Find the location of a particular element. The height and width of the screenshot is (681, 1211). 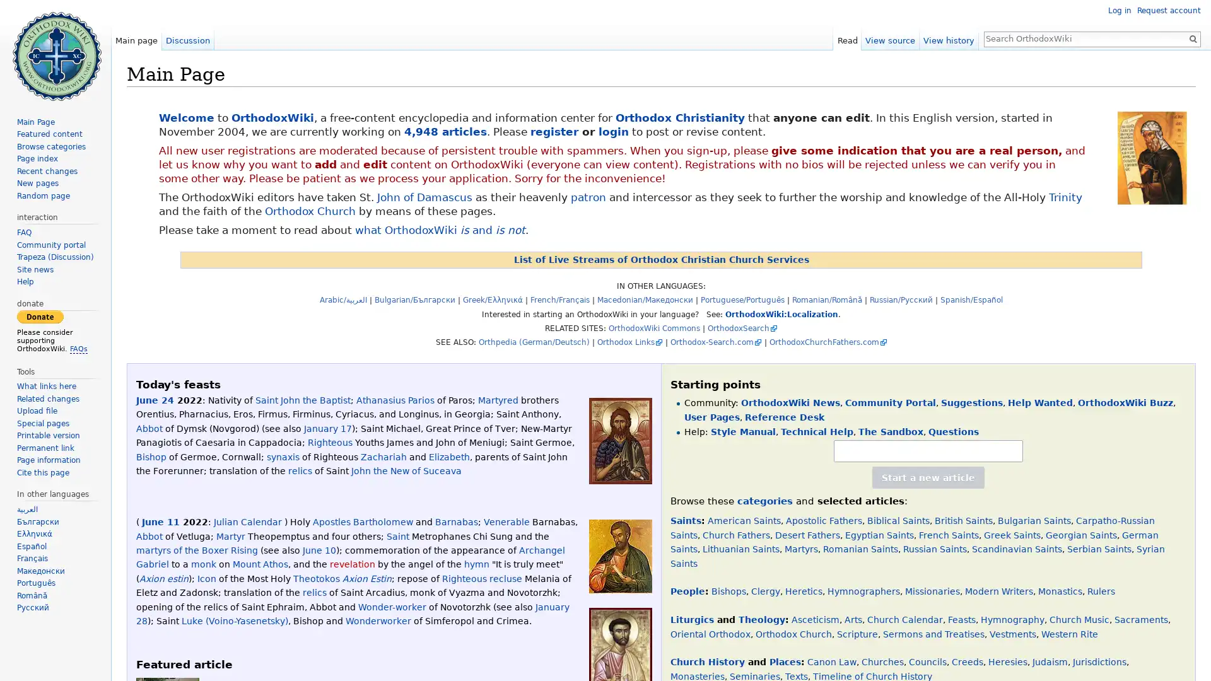

Go is located at coordinates (1192, 38).